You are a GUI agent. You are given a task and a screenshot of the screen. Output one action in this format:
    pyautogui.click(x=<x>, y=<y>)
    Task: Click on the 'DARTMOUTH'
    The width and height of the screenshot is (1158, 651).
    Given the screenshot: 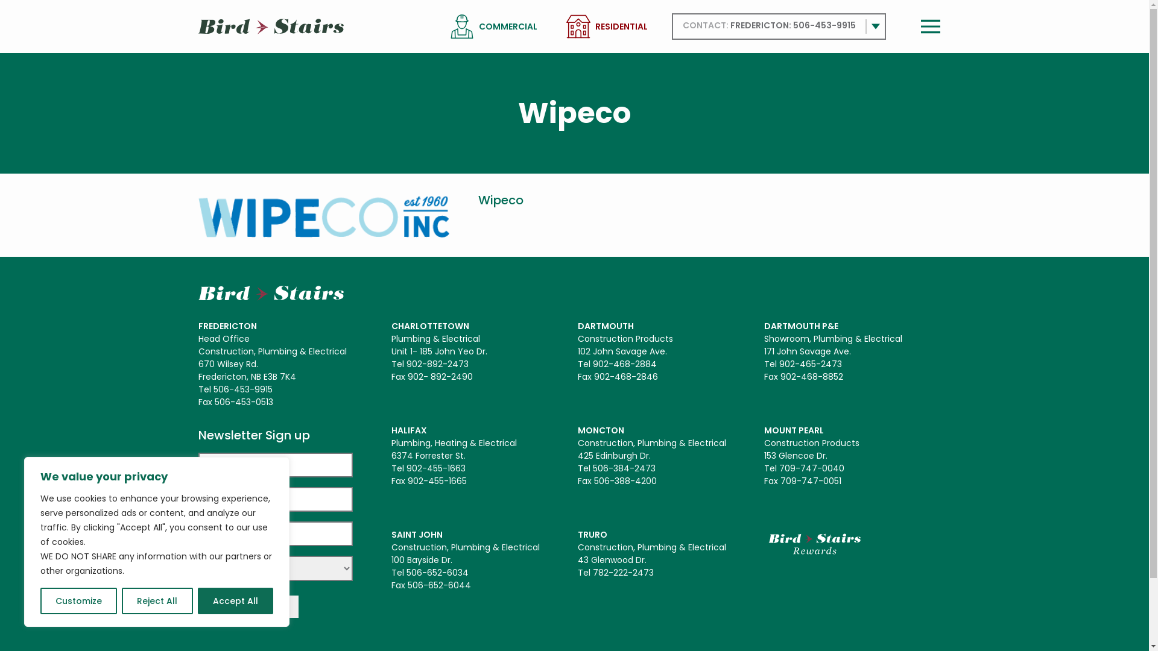 What is the action you would take?
    pyautogui.click(x=606, y=325)
    